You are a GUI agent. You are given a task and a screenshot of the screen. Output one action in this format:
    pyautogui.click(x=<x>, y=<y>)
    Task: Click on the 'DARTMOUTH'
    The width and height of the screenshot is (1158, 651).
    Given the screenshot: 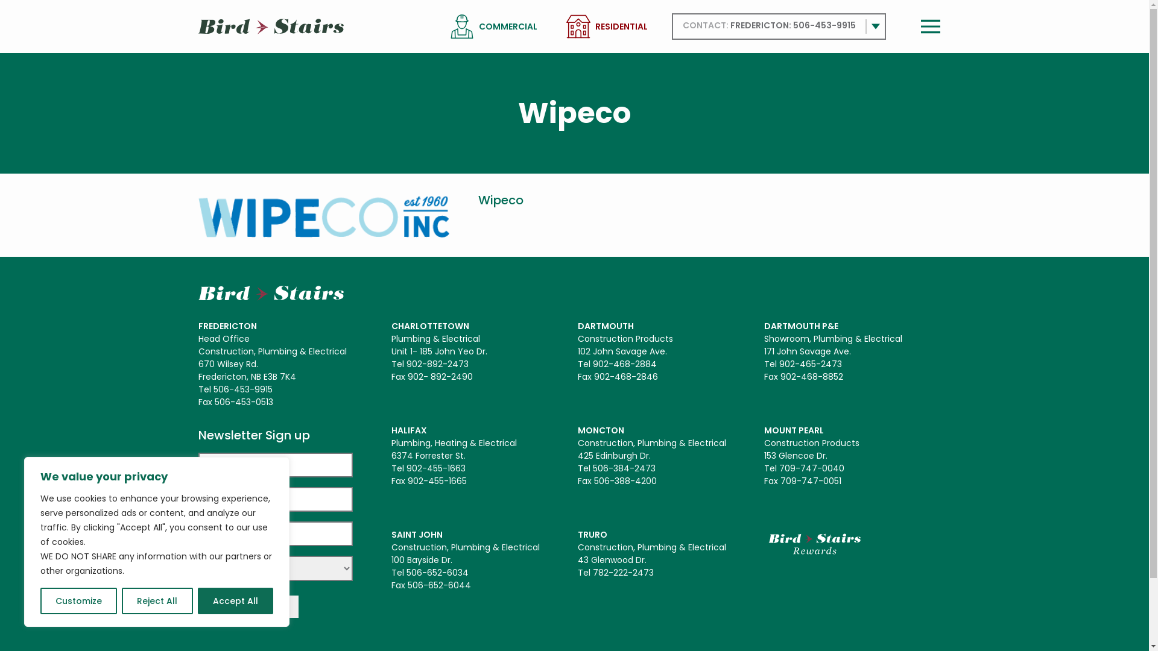 What is the action you would take?
    pyautogui.click(x=606, y=325)
    